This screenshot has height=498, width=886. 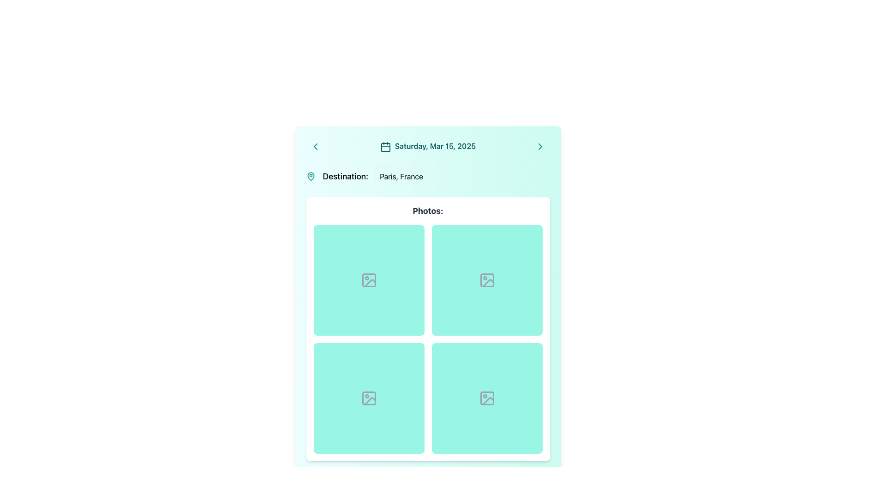 What do you see at coordinates (486, 398) in the screenshot?
I see `the image upload icon located in the bottom-right corner of the Photos section` at bounding box center [486, 398].